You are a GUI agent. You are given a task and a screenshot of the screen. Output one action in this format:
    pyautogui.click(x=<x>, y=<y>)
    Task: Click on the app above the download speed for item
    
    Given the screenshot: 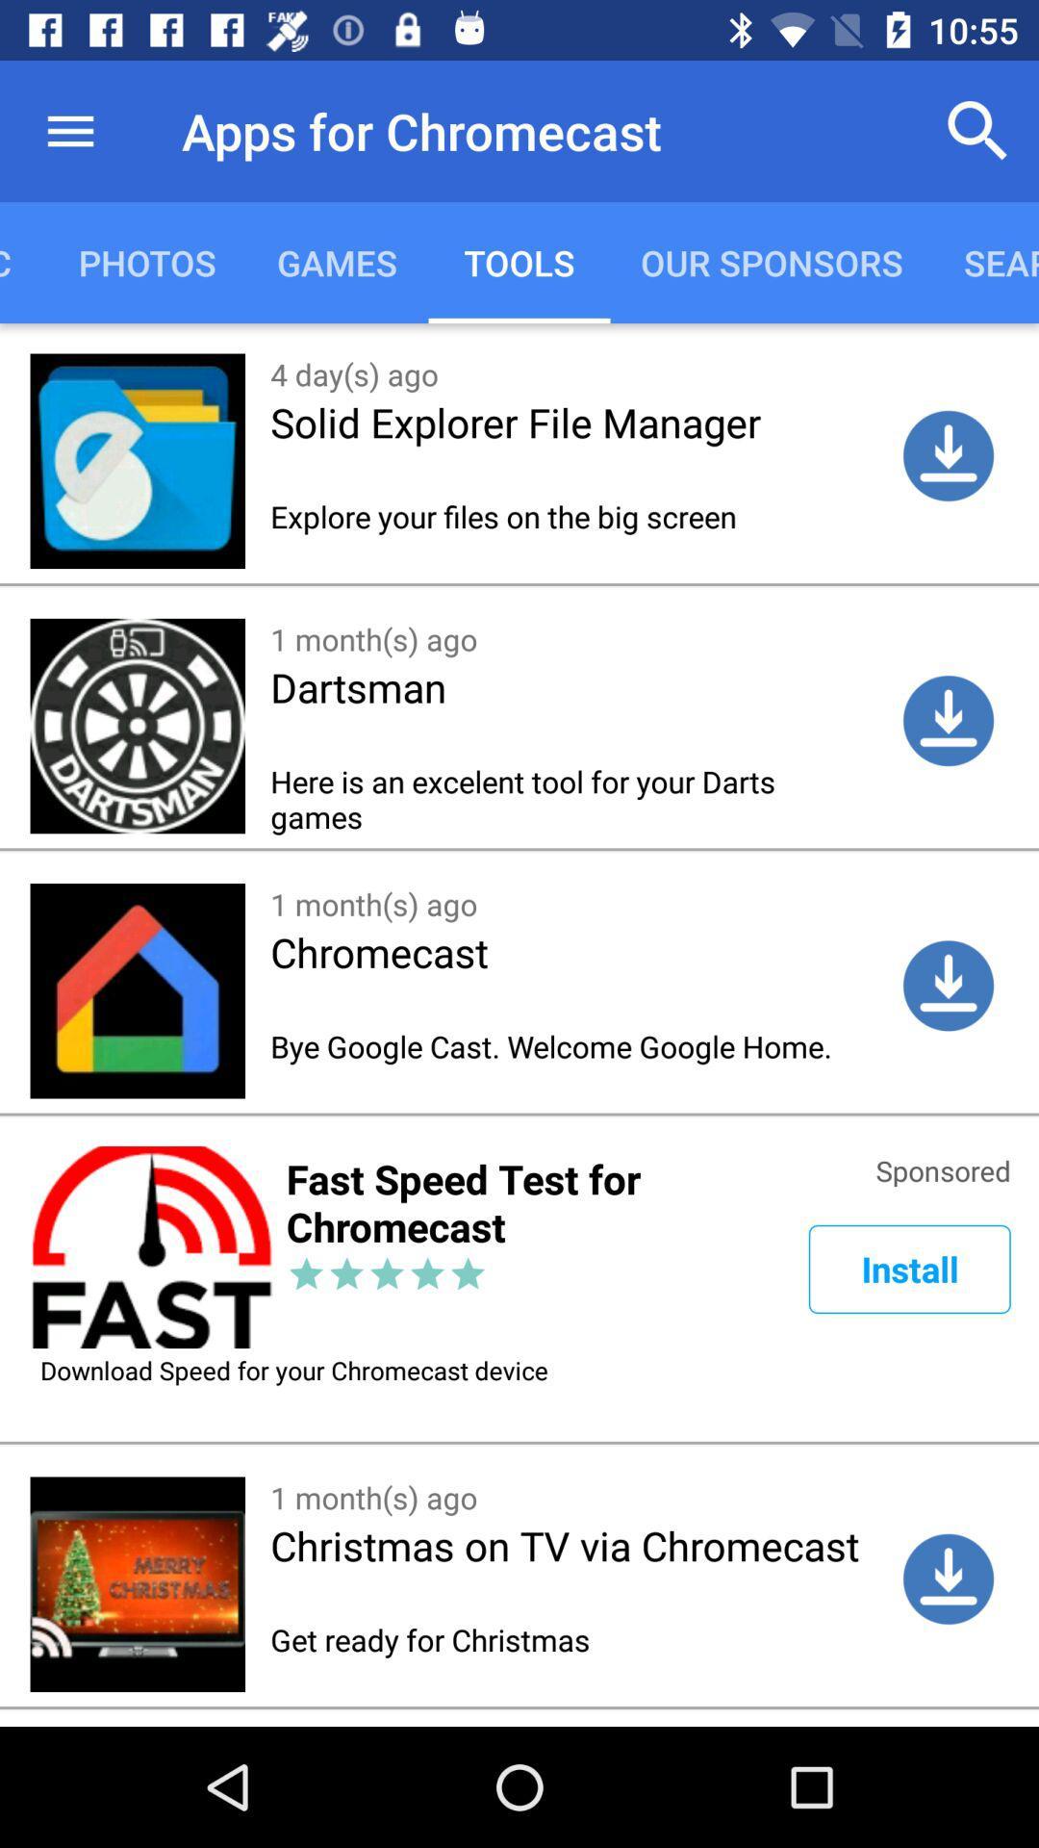 What is the action you would take?
    pyautogui.click(x=909, y=1269)
    